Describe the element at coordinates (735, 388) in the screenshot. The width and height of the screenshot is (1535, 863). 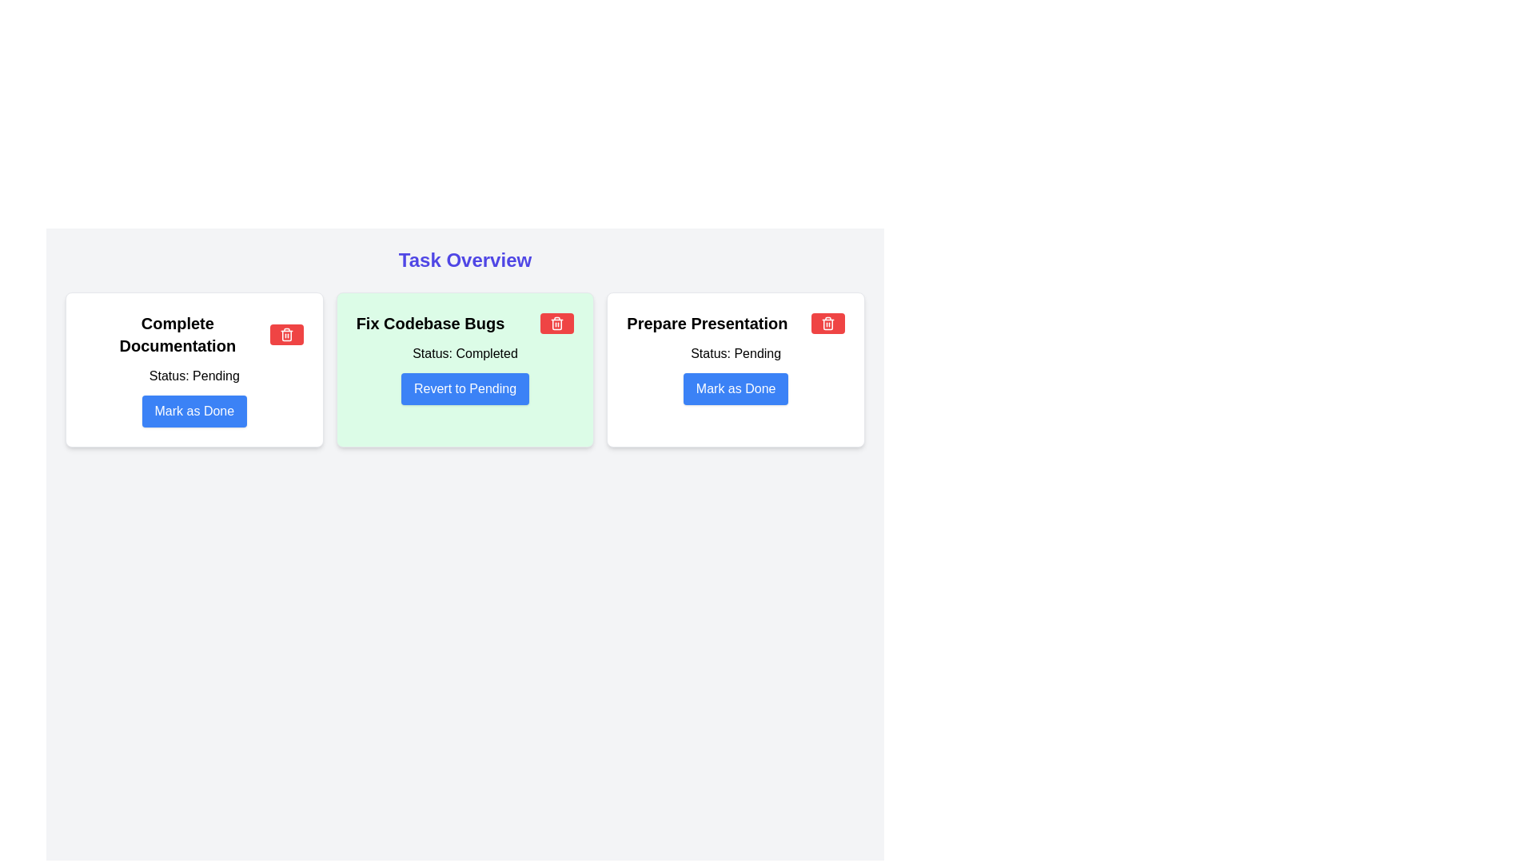
I see `the 'Mark as Done' button, which is a rectangular button with a blue background and white text, located at the bottom of the rightmost card in the grid` at that location.